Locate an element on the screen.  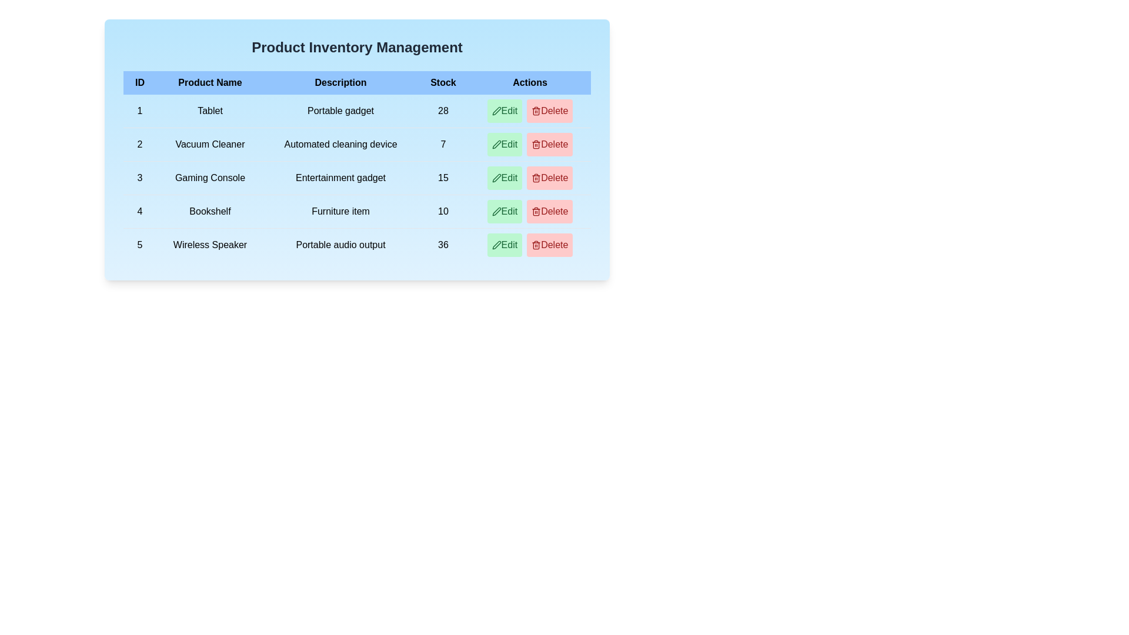
the text label displaying 'Wireless Speaker' located in the 'Product Name' column of the fifth row in the table is located at coordinates (210, 244).